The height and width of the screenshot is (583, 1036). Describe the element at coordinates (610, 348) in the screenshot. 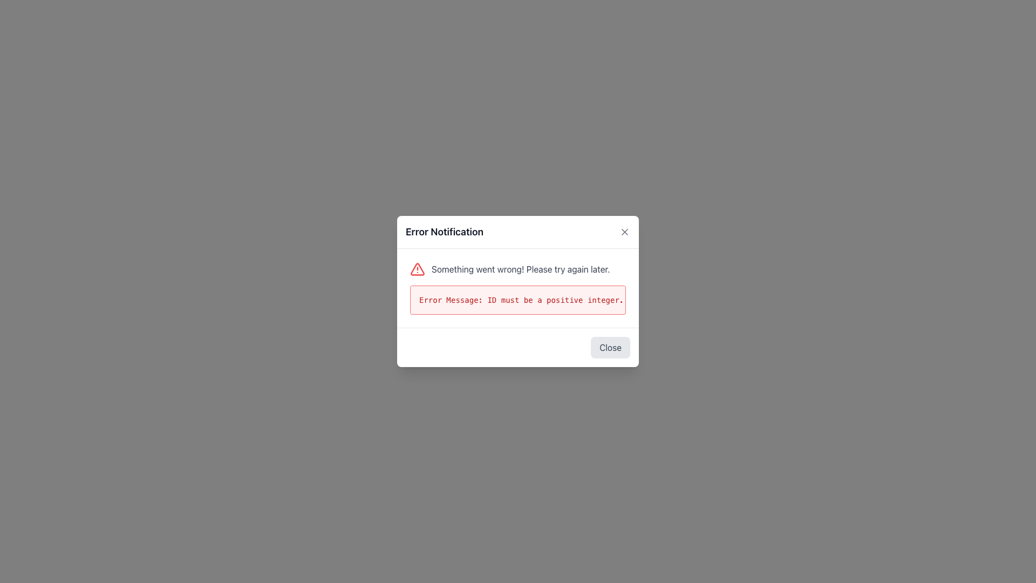

I see `the 'Close' button located at the bottom-right corner of the notification dialog` at that location.